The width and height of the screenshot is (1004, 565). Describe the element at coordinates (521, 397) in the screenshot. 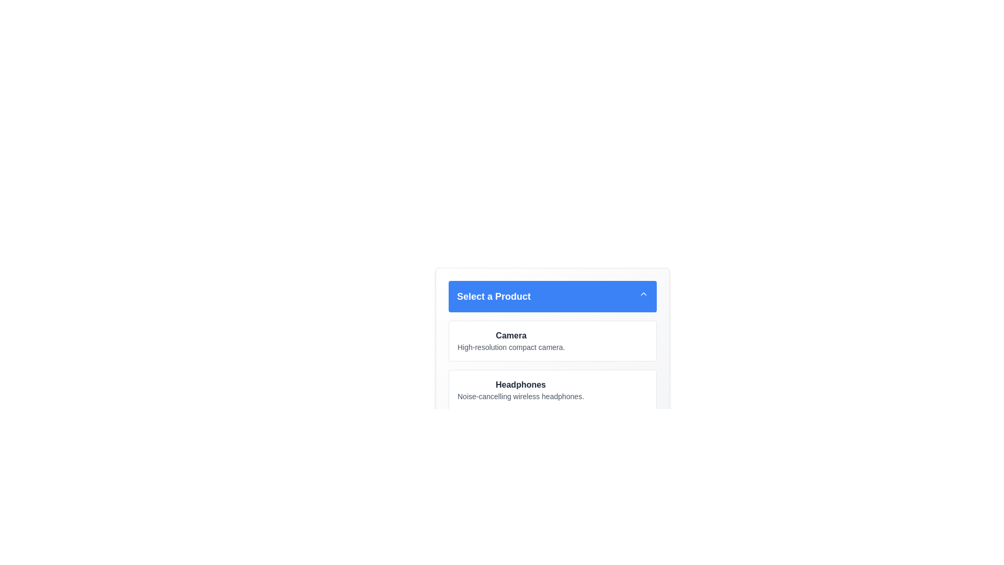

I see `description text located directly below the bold title 'Headphones' in the 'Select a Product' section, which is styled in a smaller gray font` at that location.